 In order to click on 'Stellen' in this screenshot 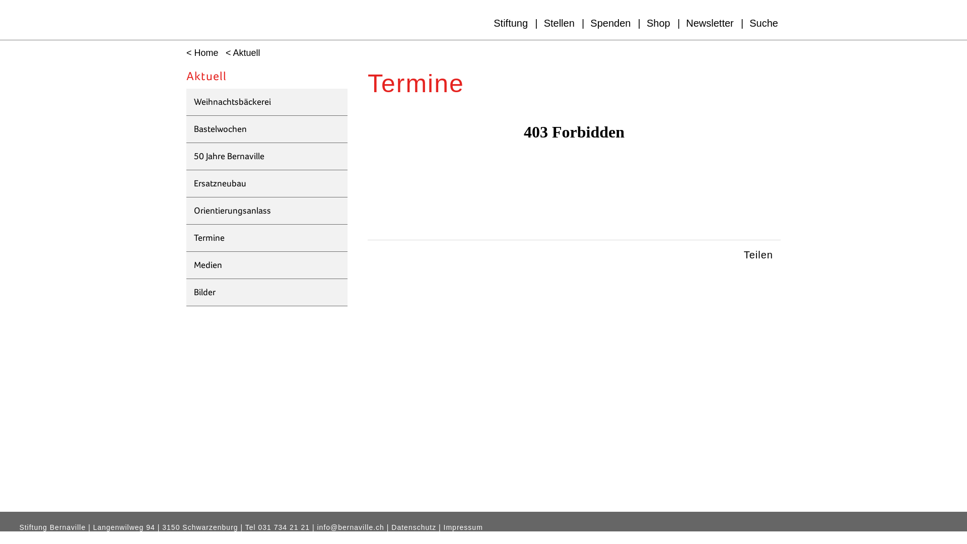, I will do `click(559, 23)`.